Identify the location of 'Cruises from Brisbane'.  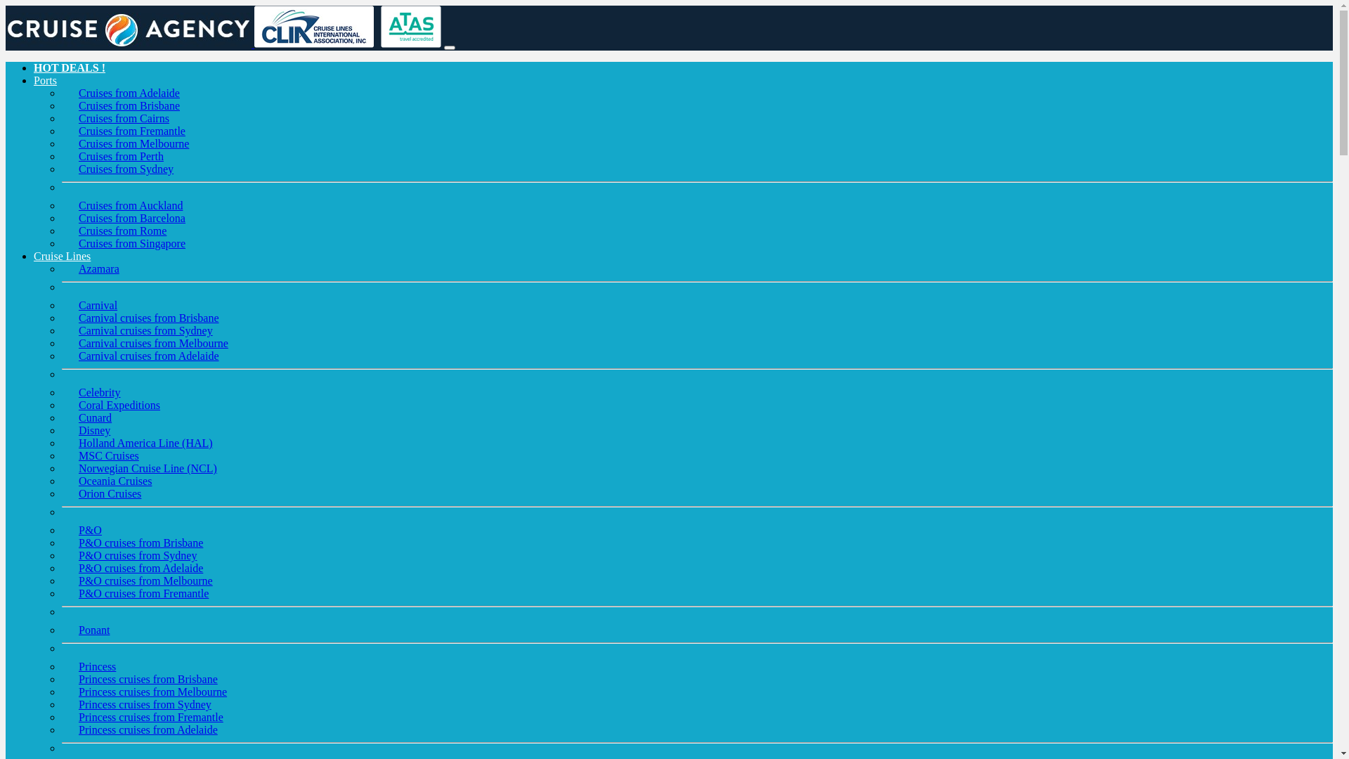
(129, 105).